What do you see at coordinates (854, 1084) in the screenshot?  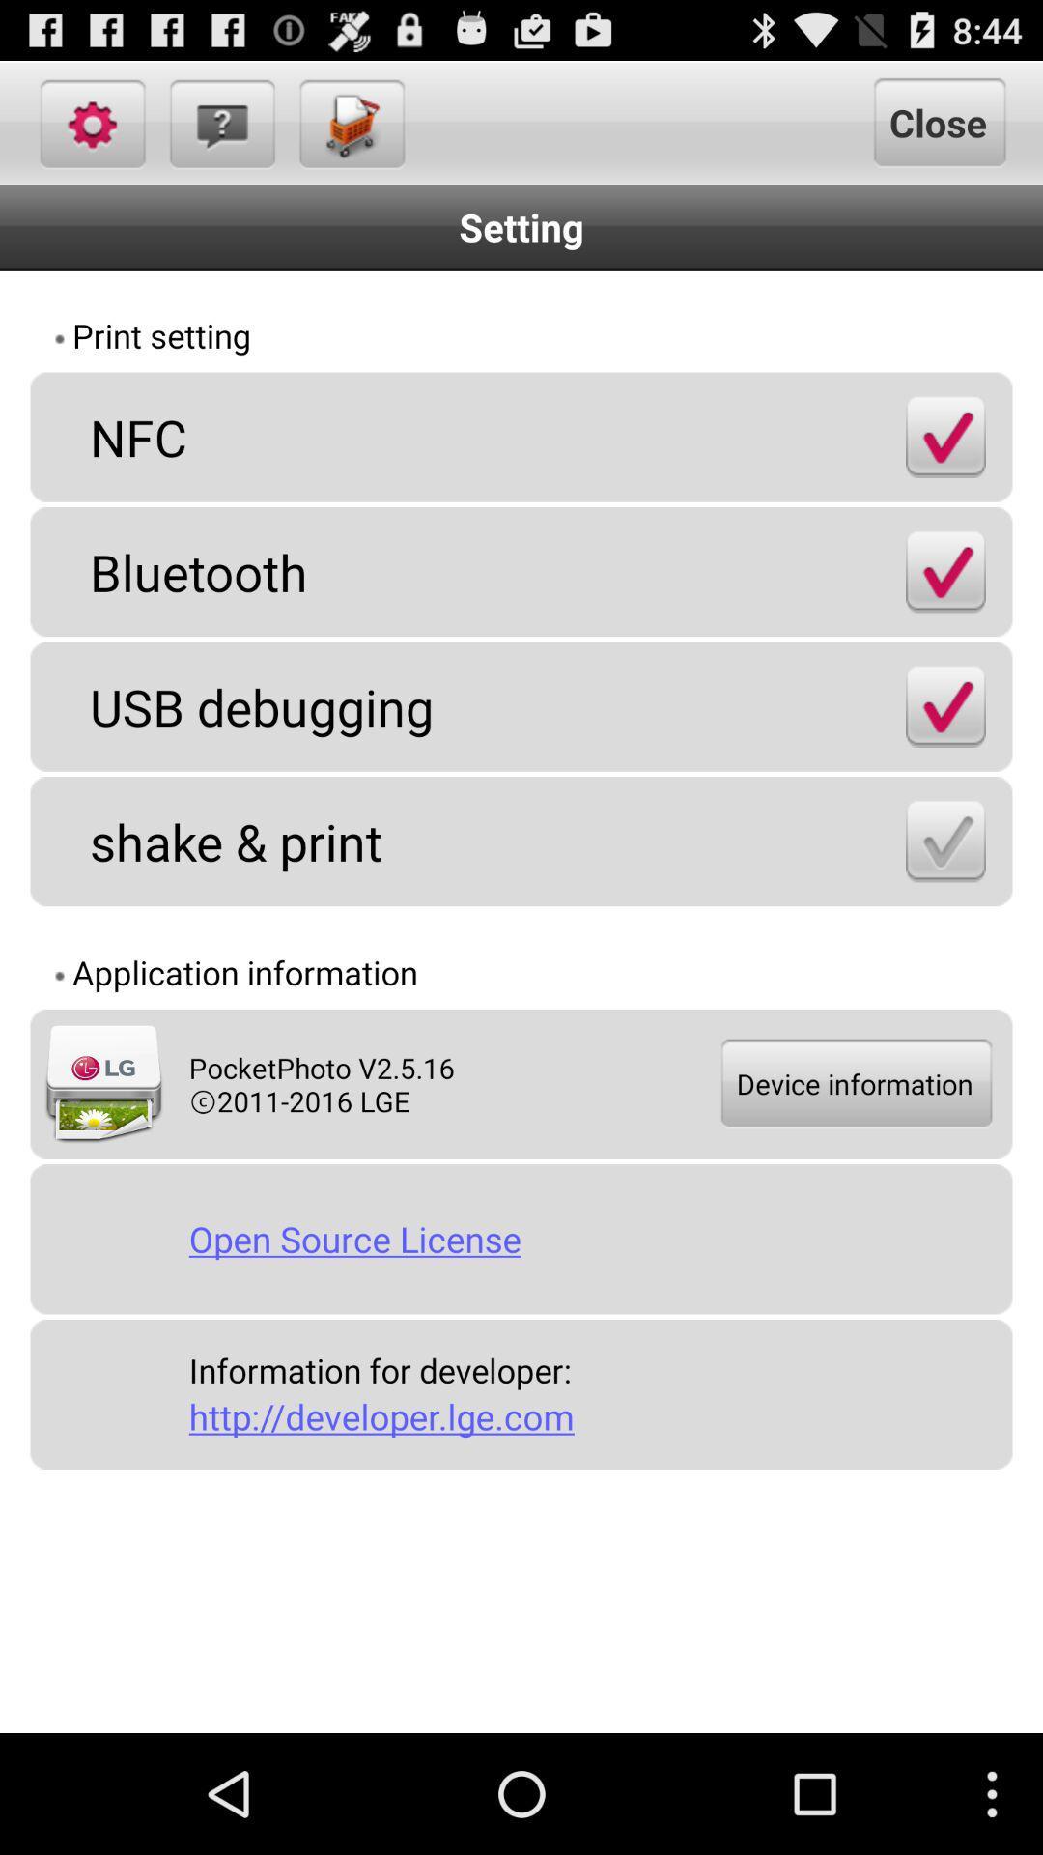 I see `the item above the open source license` at bounding box center [854, 1084].